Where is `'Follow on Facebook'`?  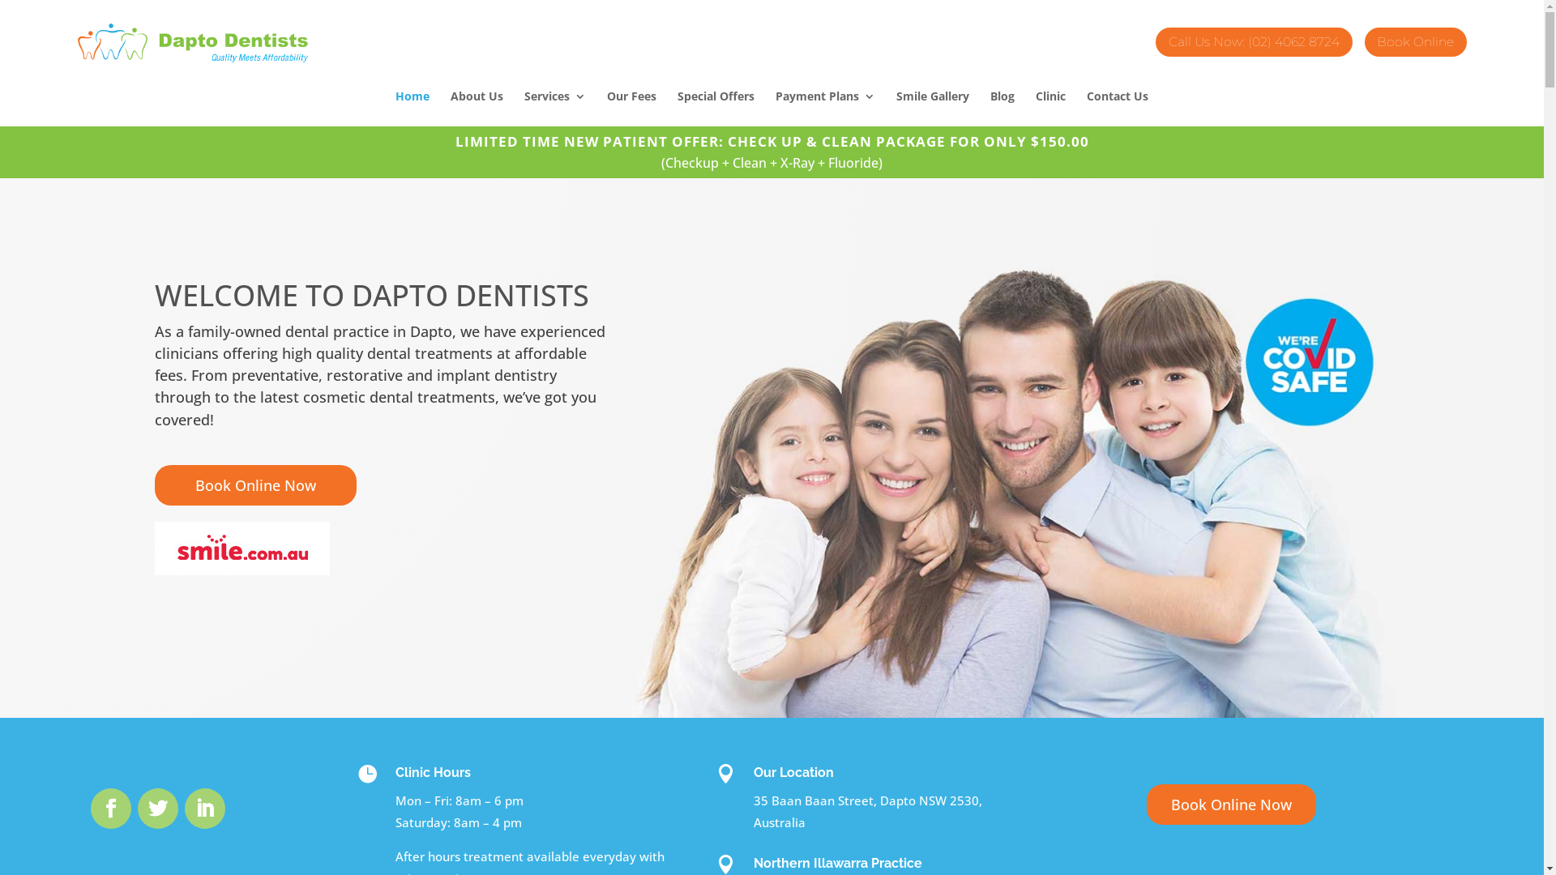
'Follow on Facebook' is located at coordinates (110, 807).